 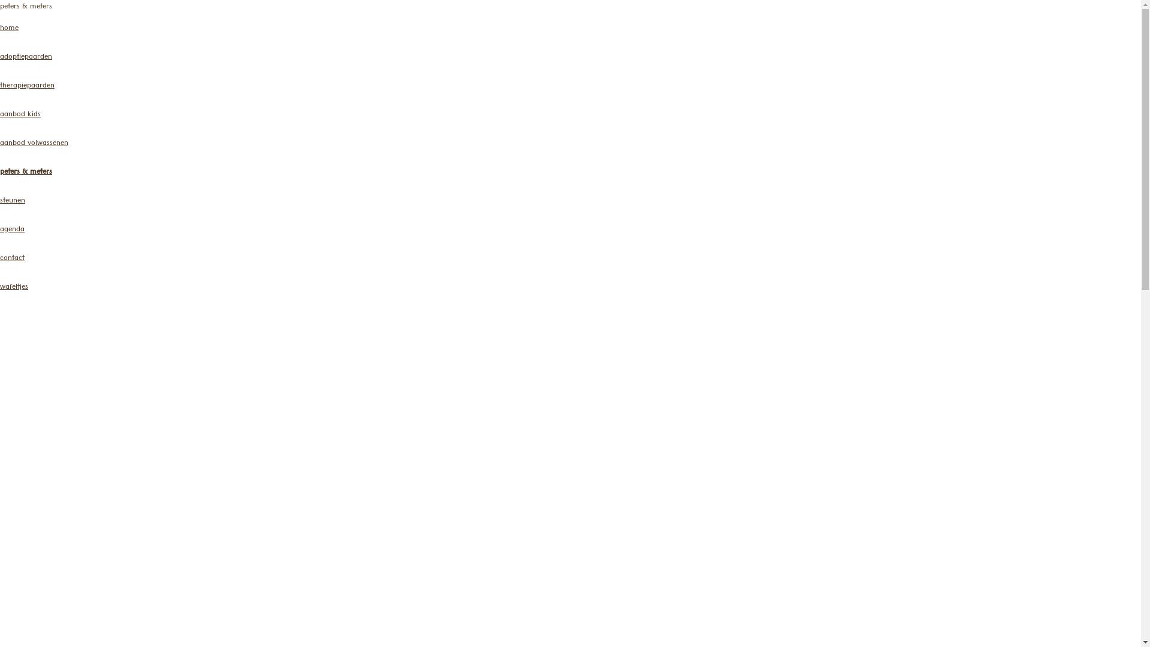 I want to click on 'steunen', so click(x=12, y=201).